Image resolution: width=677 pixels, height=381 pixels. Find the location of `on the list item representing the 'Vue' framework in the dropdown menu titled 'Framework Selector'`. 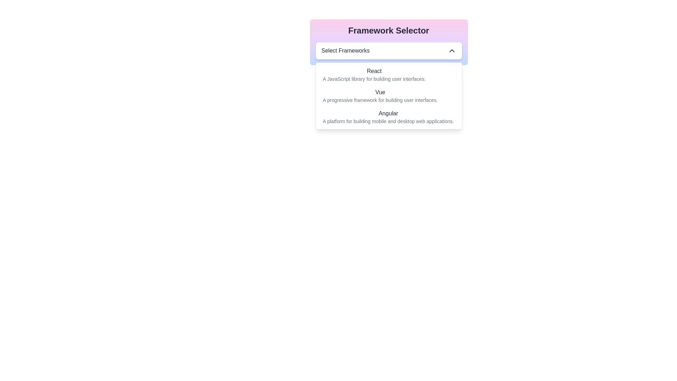

on the list item representing the 'Vue' framework in the dropdown menu titled 'Framework Selector' is located at coordinates (388, 96).